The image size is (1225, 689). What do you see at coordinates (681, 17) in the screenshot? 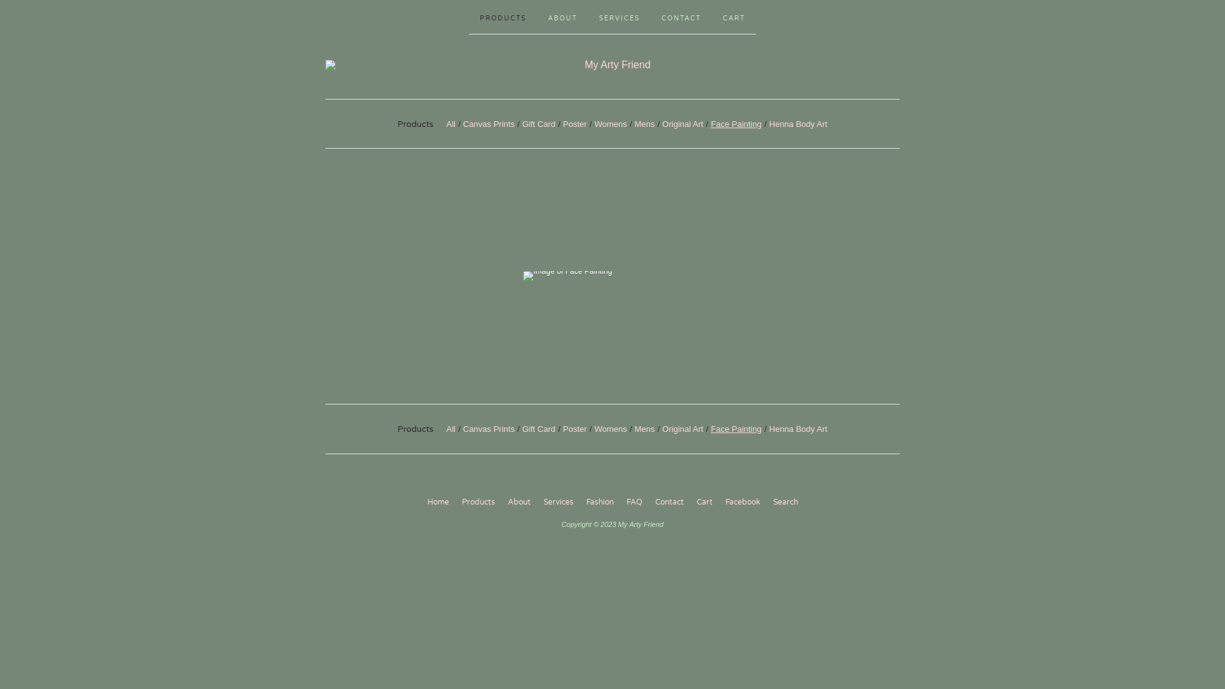
I see `'CONTACT'` at bounding box center [681, 17].